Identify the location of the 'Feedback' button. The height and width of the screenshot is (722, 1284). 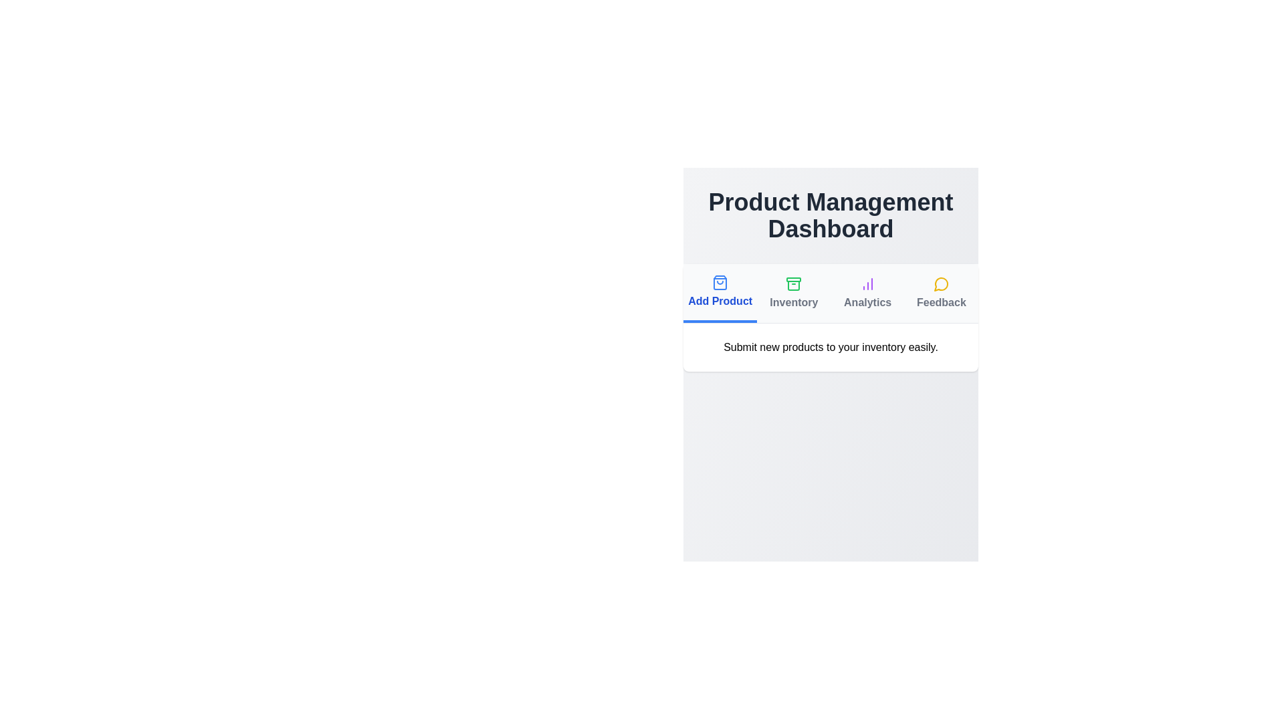
(940, 293).